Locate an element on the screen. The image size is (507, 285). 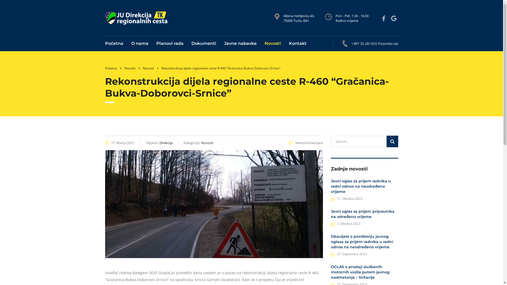
'Javne nabavke' is located at coordinates (240, 43).